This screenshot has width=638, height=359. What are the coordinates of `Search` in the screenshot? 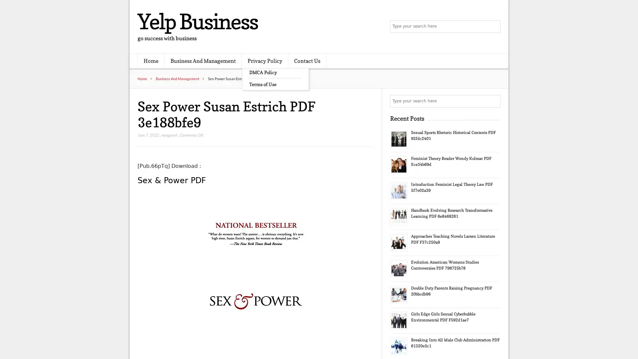 It's located at (493, 101).